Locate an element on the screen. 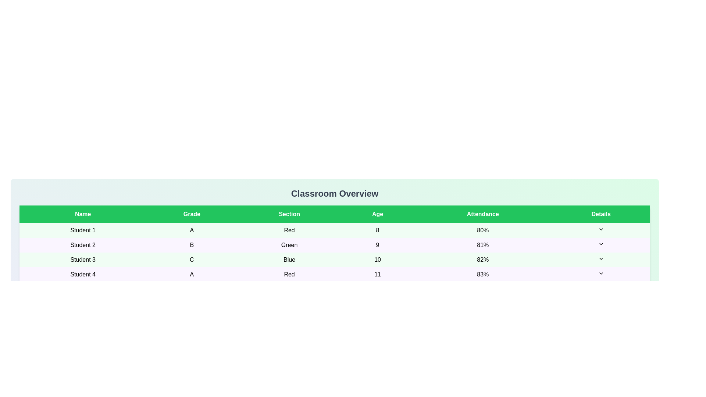 The height and width of the screenshot is (397, 706). the header Name to sort the table by that column is located at coordinates (83, 214).